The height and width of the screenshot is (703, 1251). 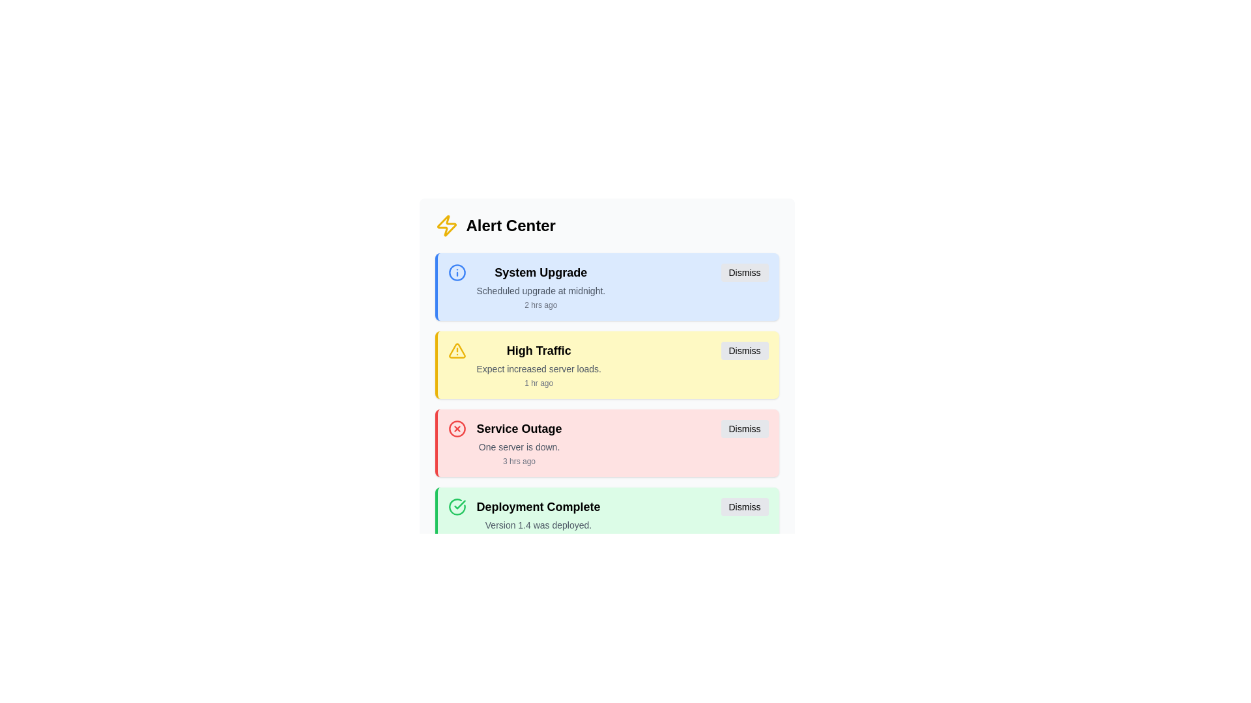 What do you see at coordinates (539, 365) in the screenshot?
I see `the text 'High Traffic' within the yellow notification card to read the alert message` at bounding box center [539, 365].